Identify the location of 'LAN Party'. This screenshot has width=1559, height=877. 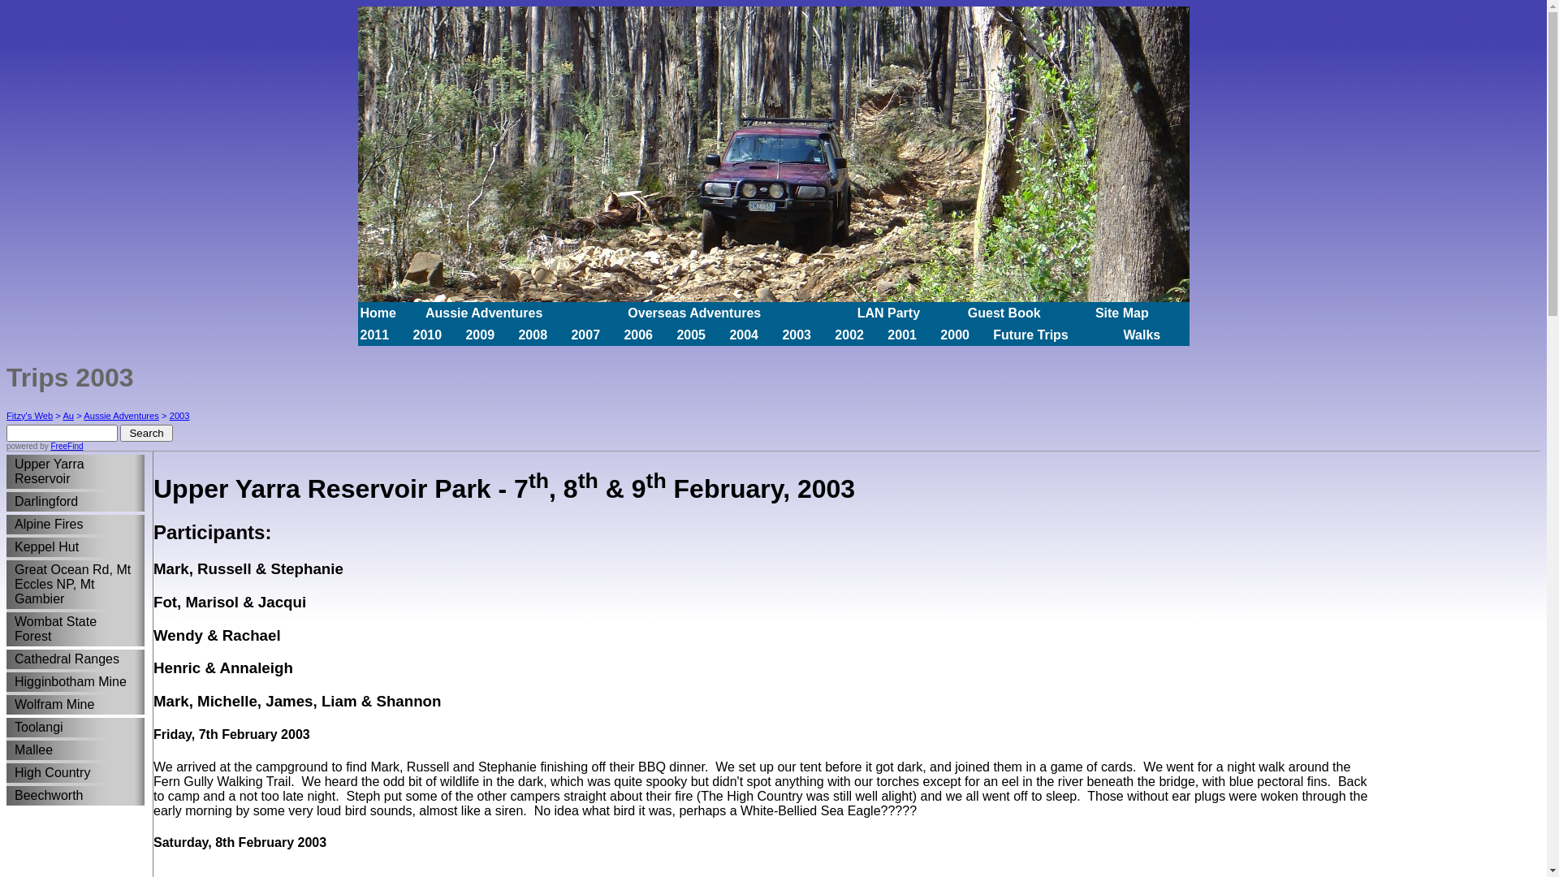
(887, 312).